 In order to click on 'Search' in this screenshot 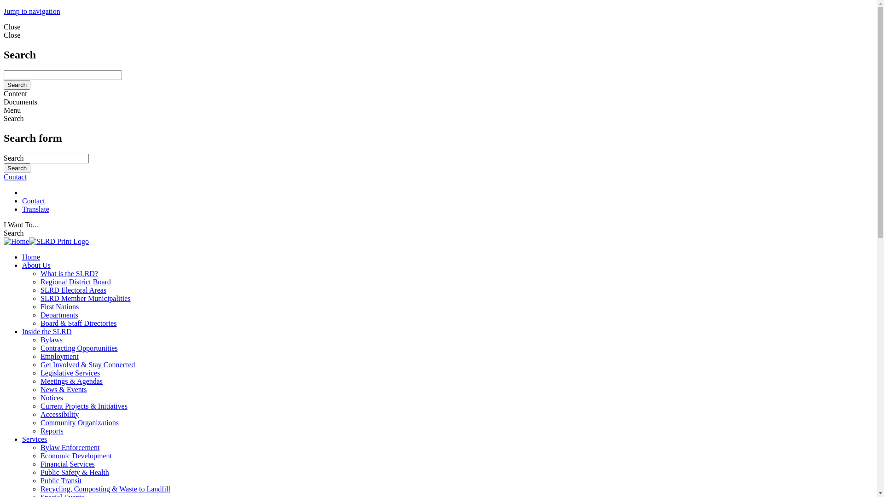, I will do `click(17, 168)`.